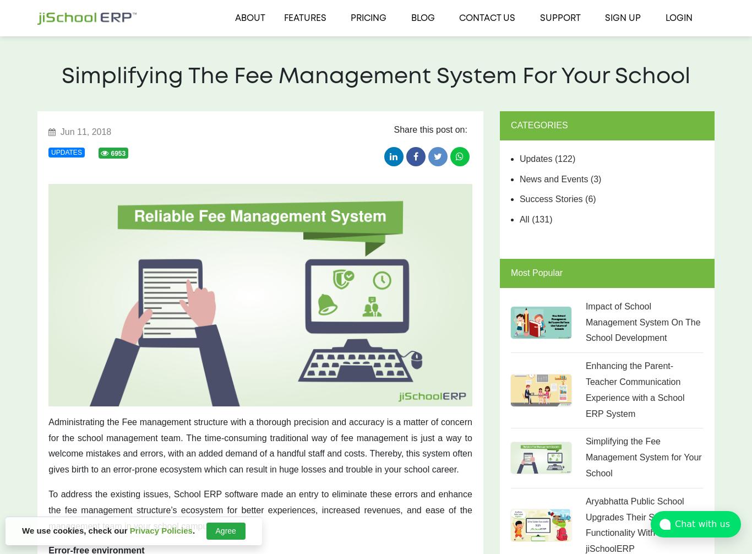  Describe the element at coordinates (249, 18) in the screenshot. I see `'About'` at that location.